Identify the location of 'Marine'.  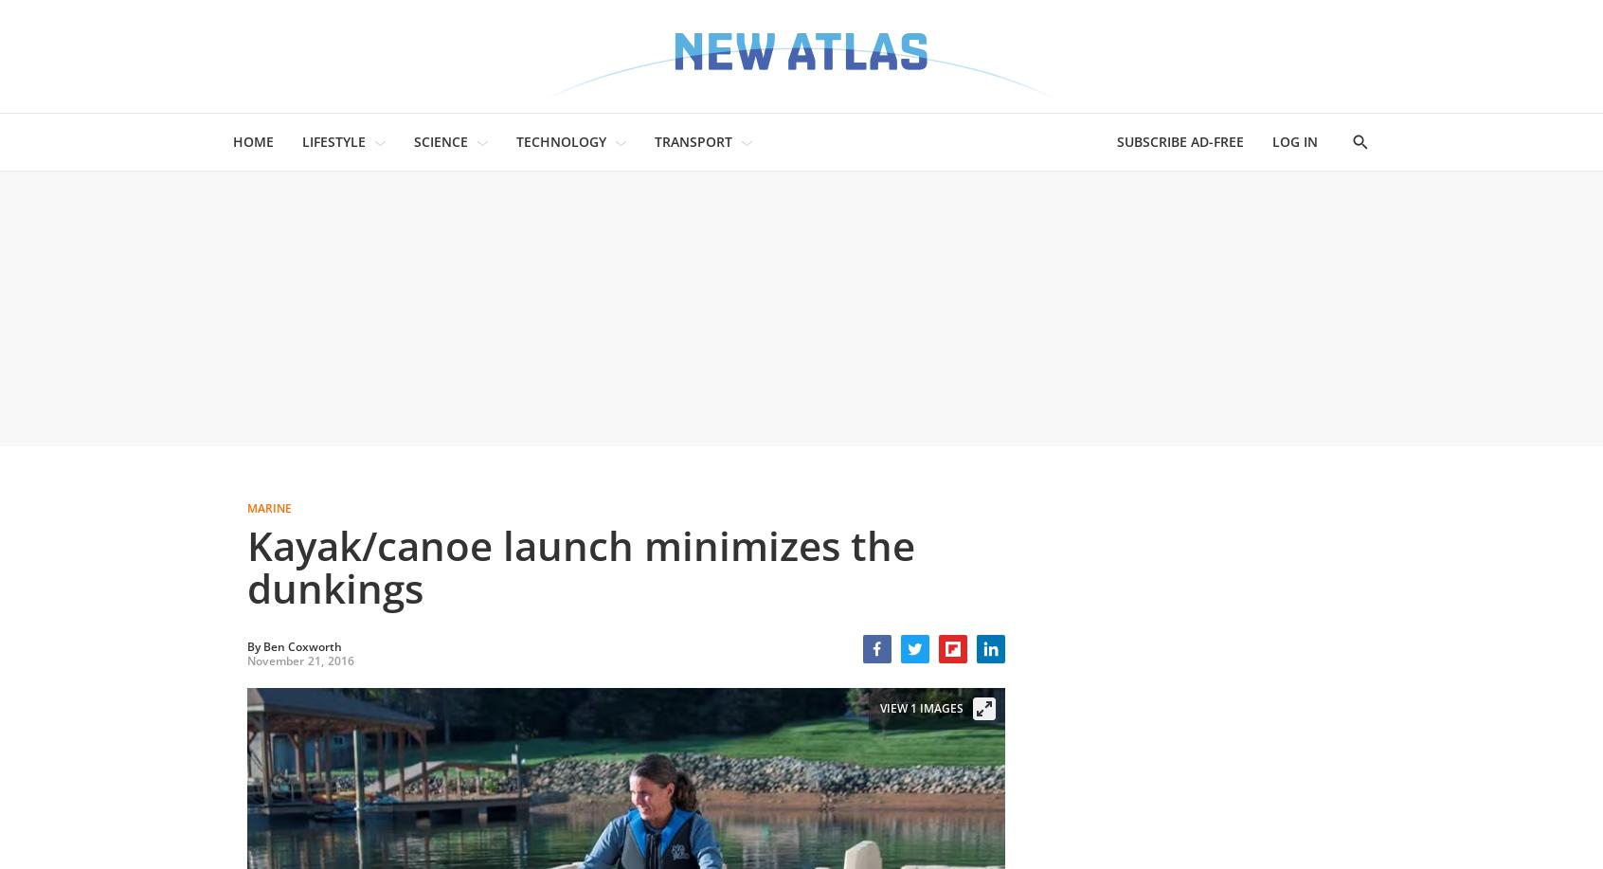
(268, 508).